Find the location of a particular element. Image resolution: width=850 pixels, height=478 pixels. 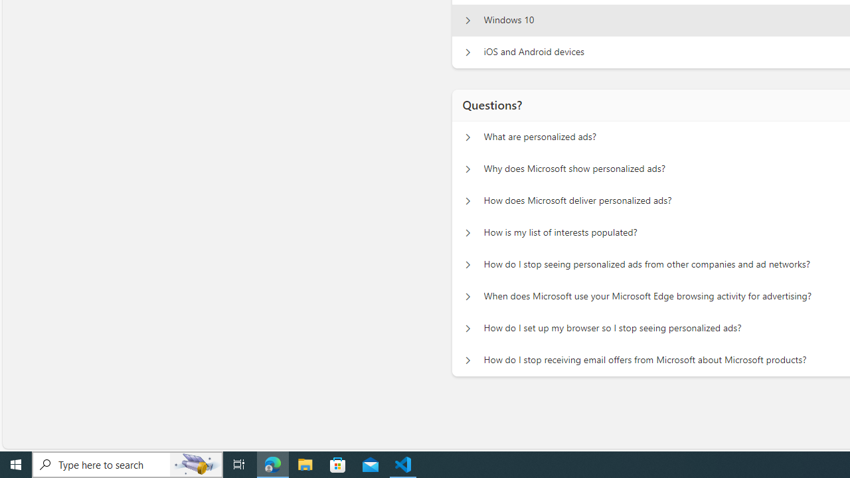

'Questions? Why does Microsoft show personalized ads?' is located at coordinates (467, 169).